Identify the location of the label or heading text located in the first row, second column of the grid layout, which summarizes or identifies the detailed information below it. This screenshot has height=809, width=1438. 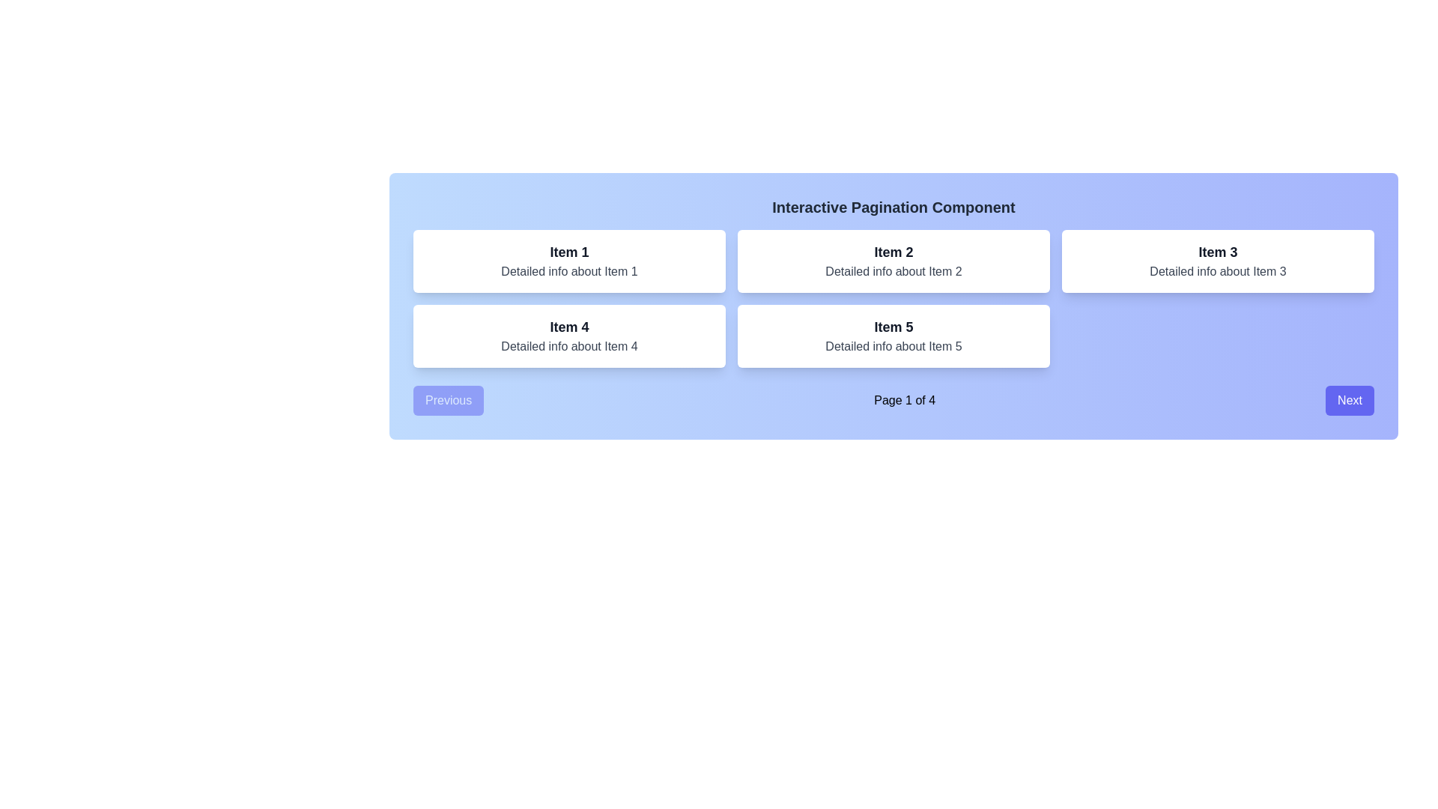
(894, 251).